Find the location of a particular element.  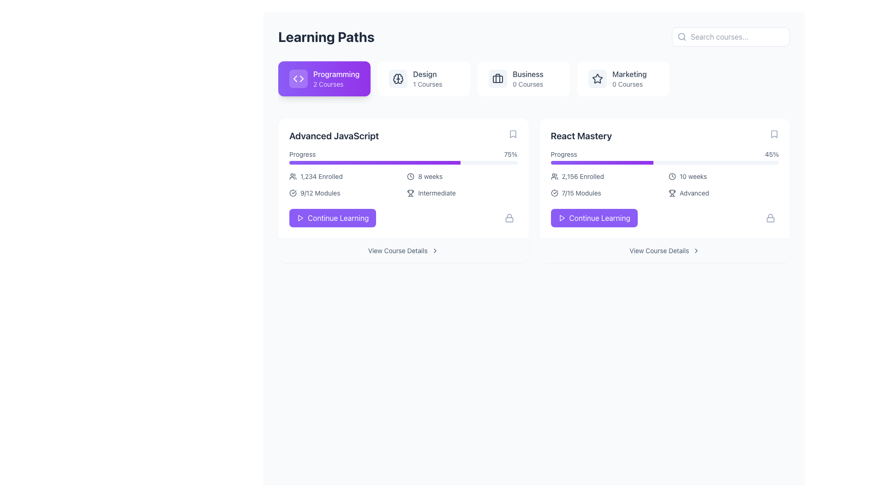

the text label reading 'Design', which is styled in medium font weight and is located at the top center of the interface, between 'Programming' and 'Business' is located at coordinates (427, 74).